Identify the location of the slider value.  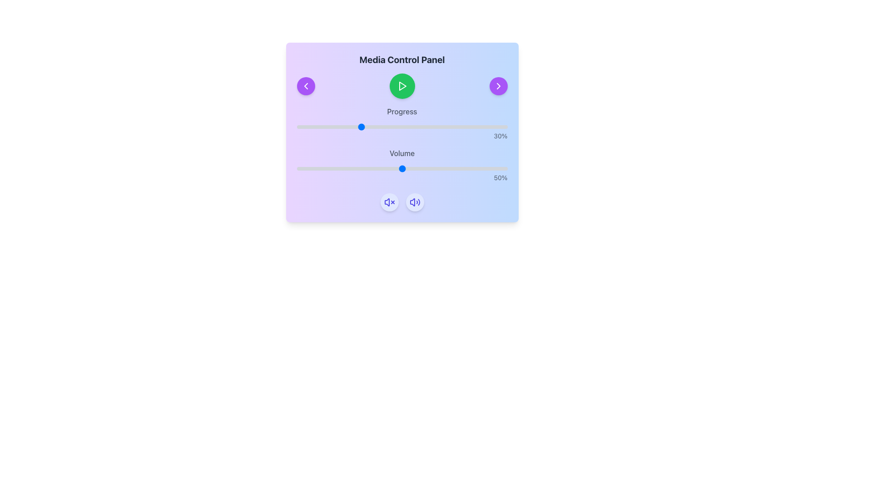
(342, 168).